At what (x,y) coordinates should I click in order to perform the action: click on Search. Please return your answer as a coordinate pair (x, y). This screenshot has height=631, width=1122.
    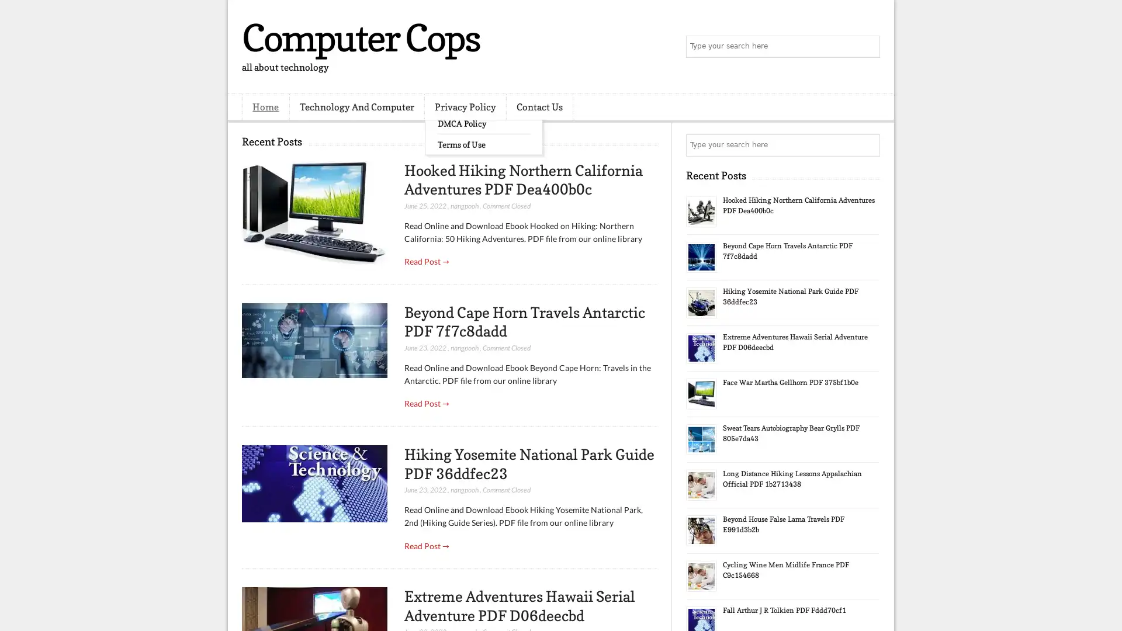
    Looking at the image, I should click on (868, 47).